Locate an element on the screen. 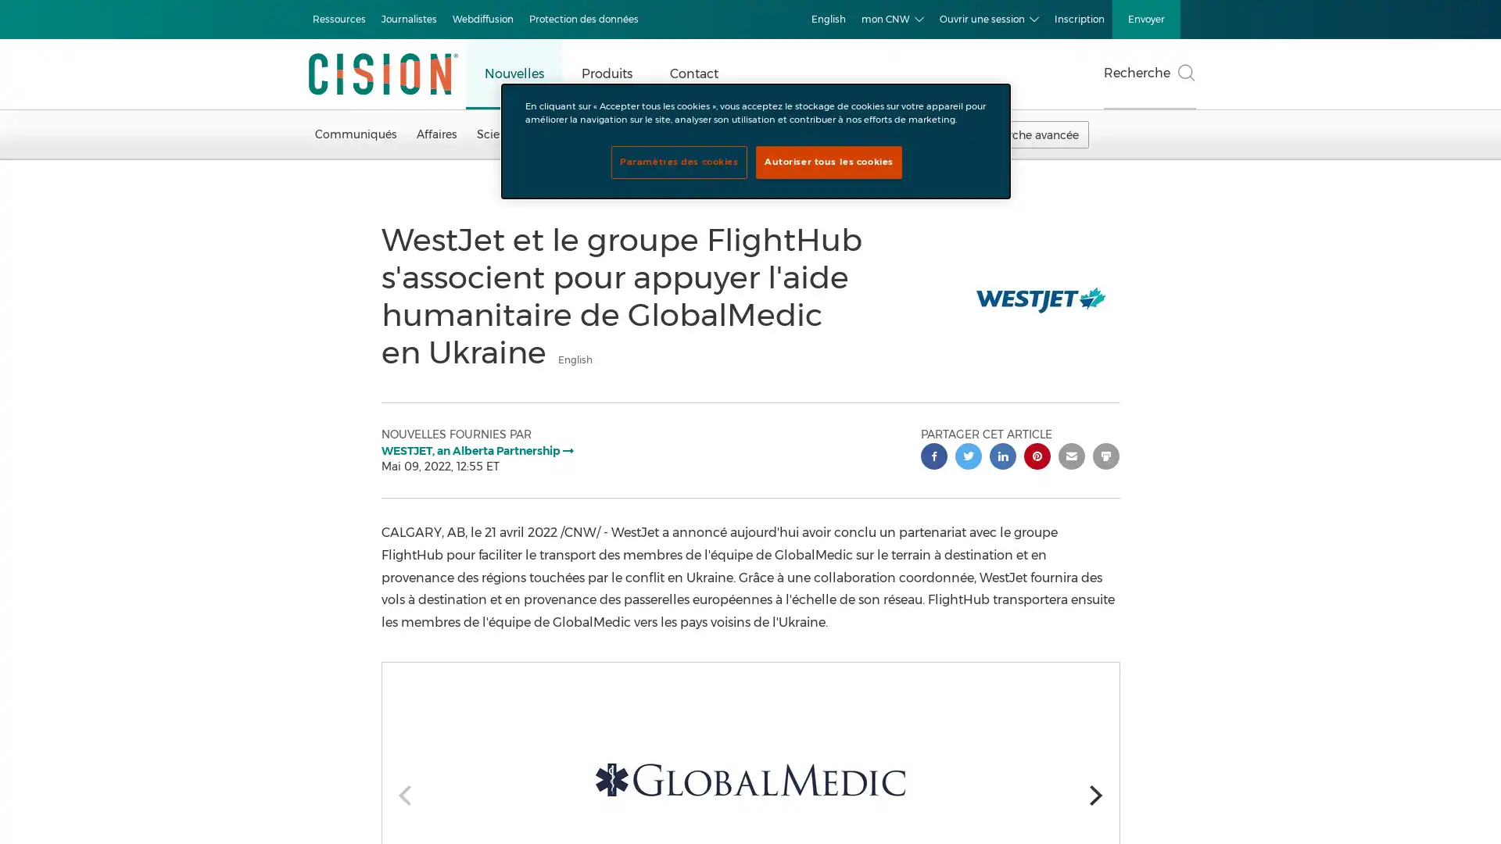 The image size is (1501, 844). Parametres des cookies is located at coordinates (679, 163).